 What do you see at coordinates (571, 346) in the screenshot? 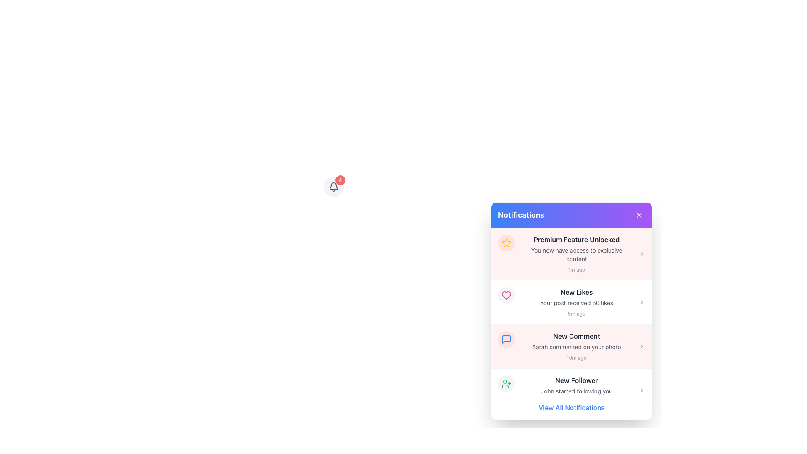
I see `the notification item with a light pink background that contains the header 'New Comment', a message from 'Sarah', and a timestamp '10m ago'` at bounding box center [571, 346].